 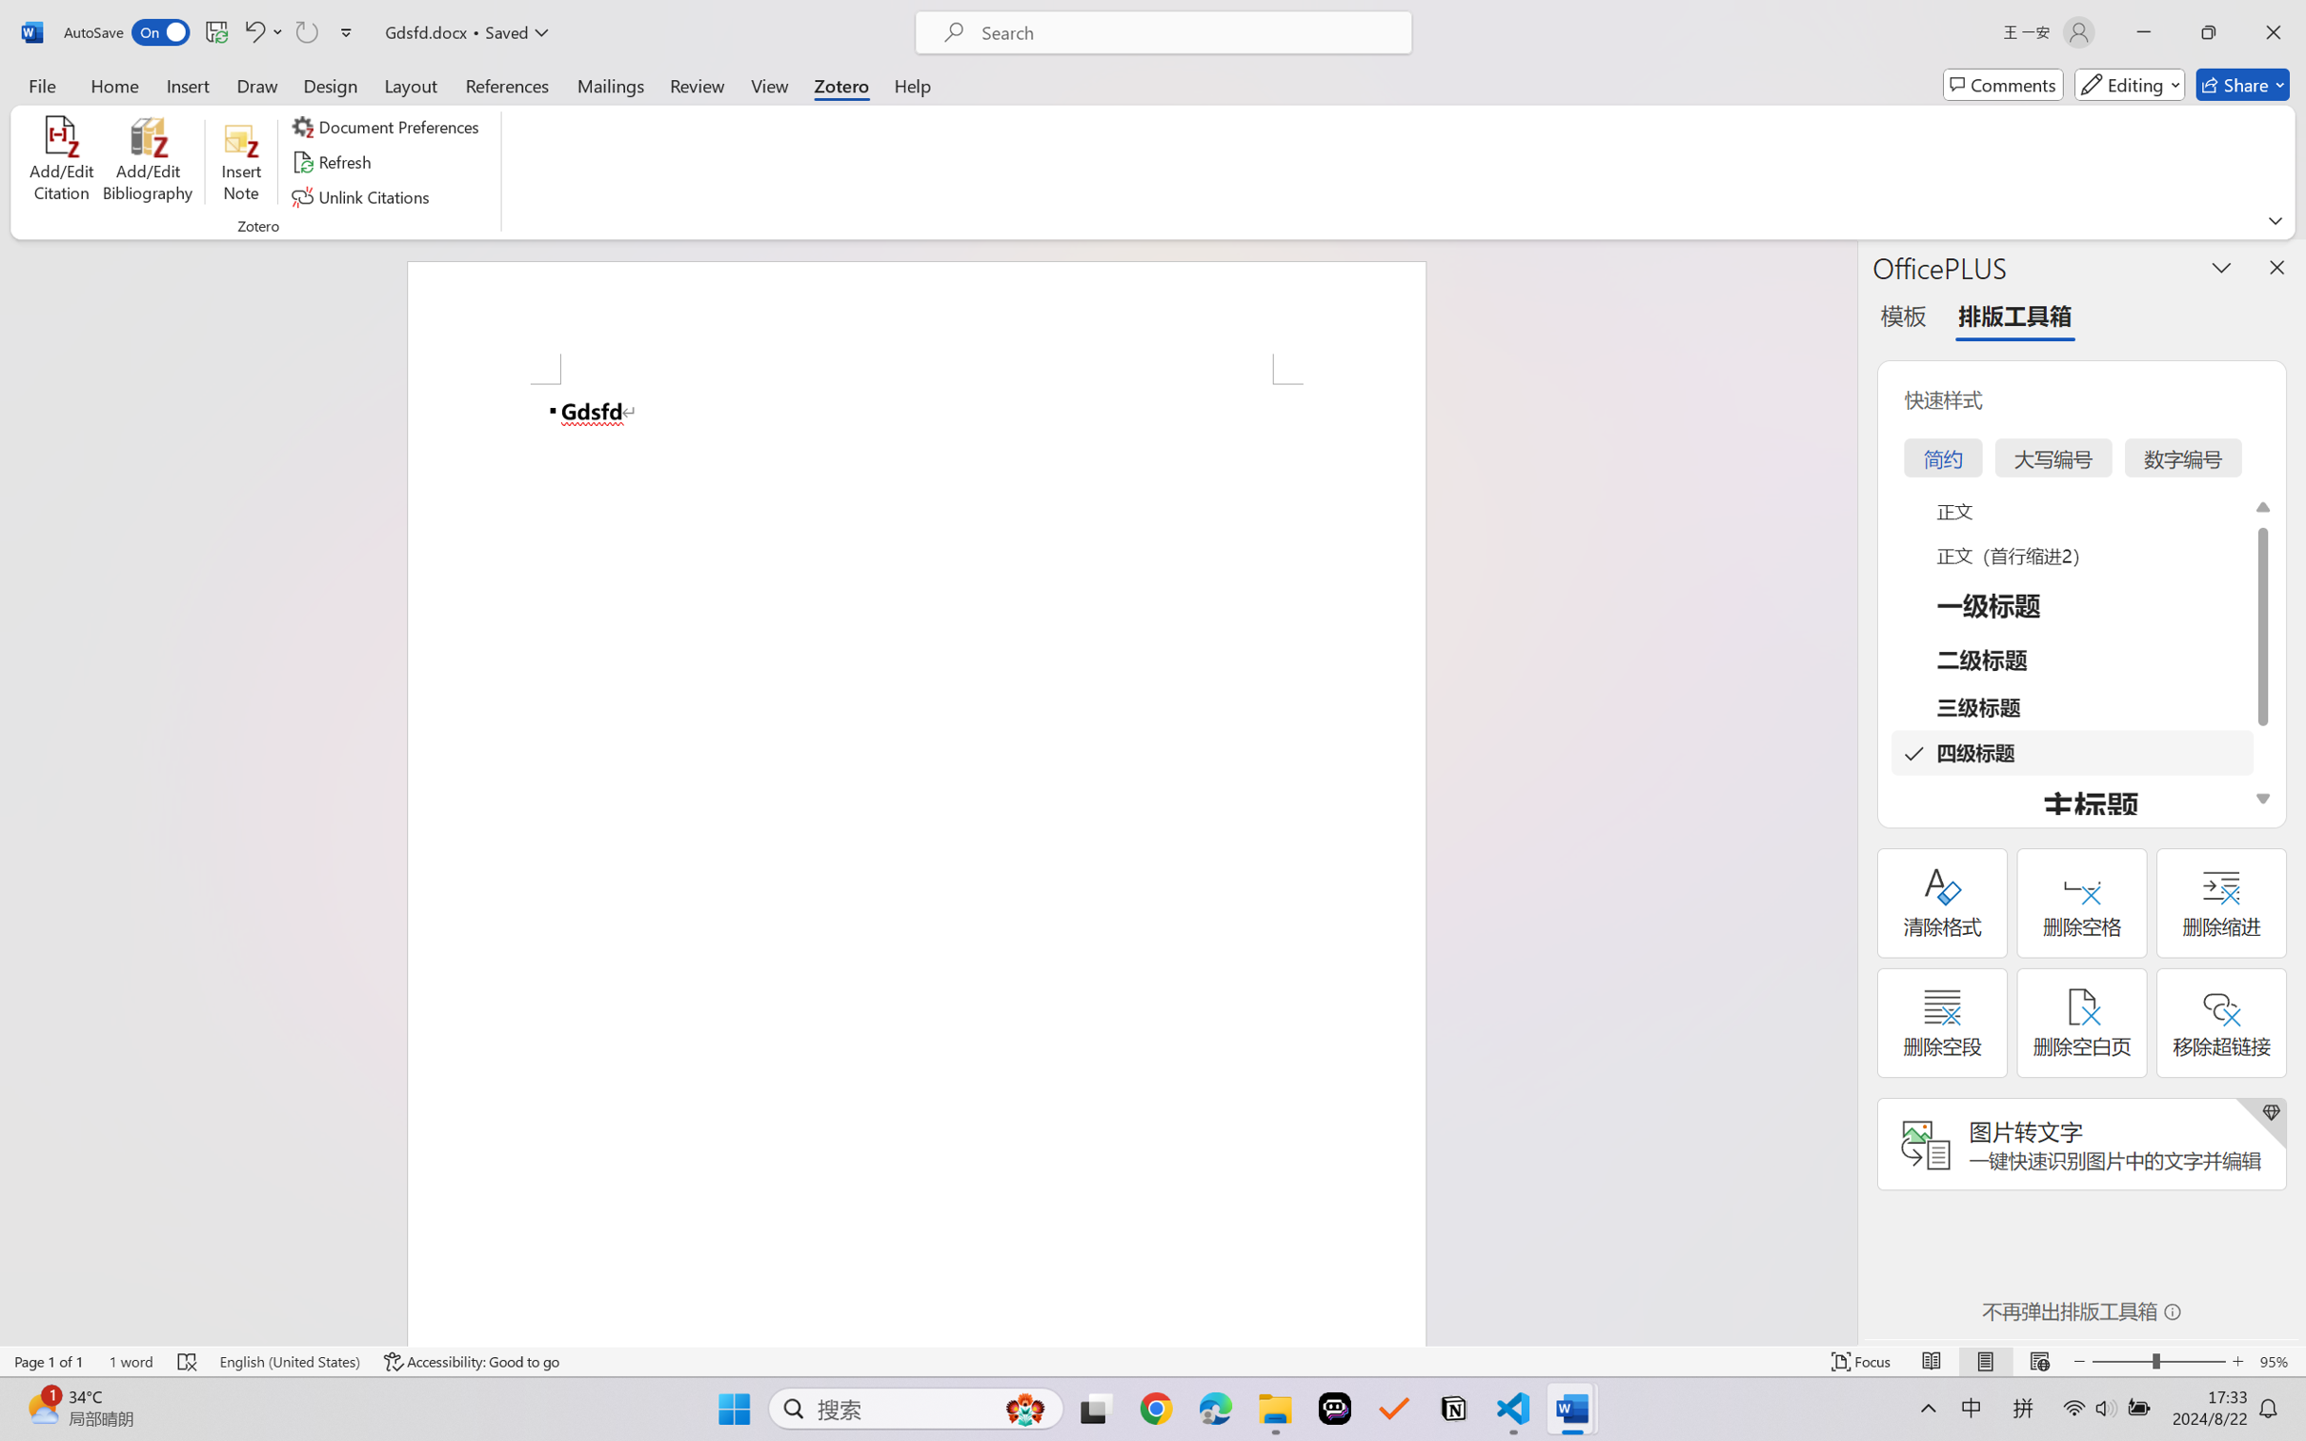 What do you see at coordinates (1187, 31) in the screenshot?
I see `'Microsoft search'` at bounding box center [1187, 31].